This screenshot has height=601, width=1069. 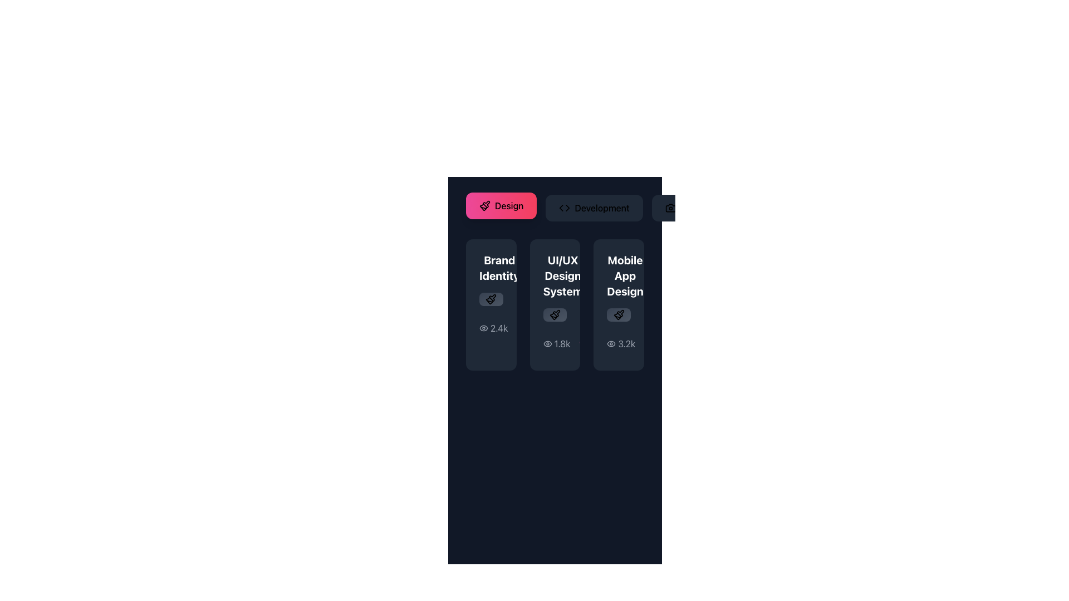 What do you see at coordinates (547, 343) in the screenshot?
I see `the visibility icon resembling an eye outline, located within the second card titled 'UI/UX Design System', positioned below the main title and aligned with the numerical text '1.8k'` at bounding box center [547, 343].